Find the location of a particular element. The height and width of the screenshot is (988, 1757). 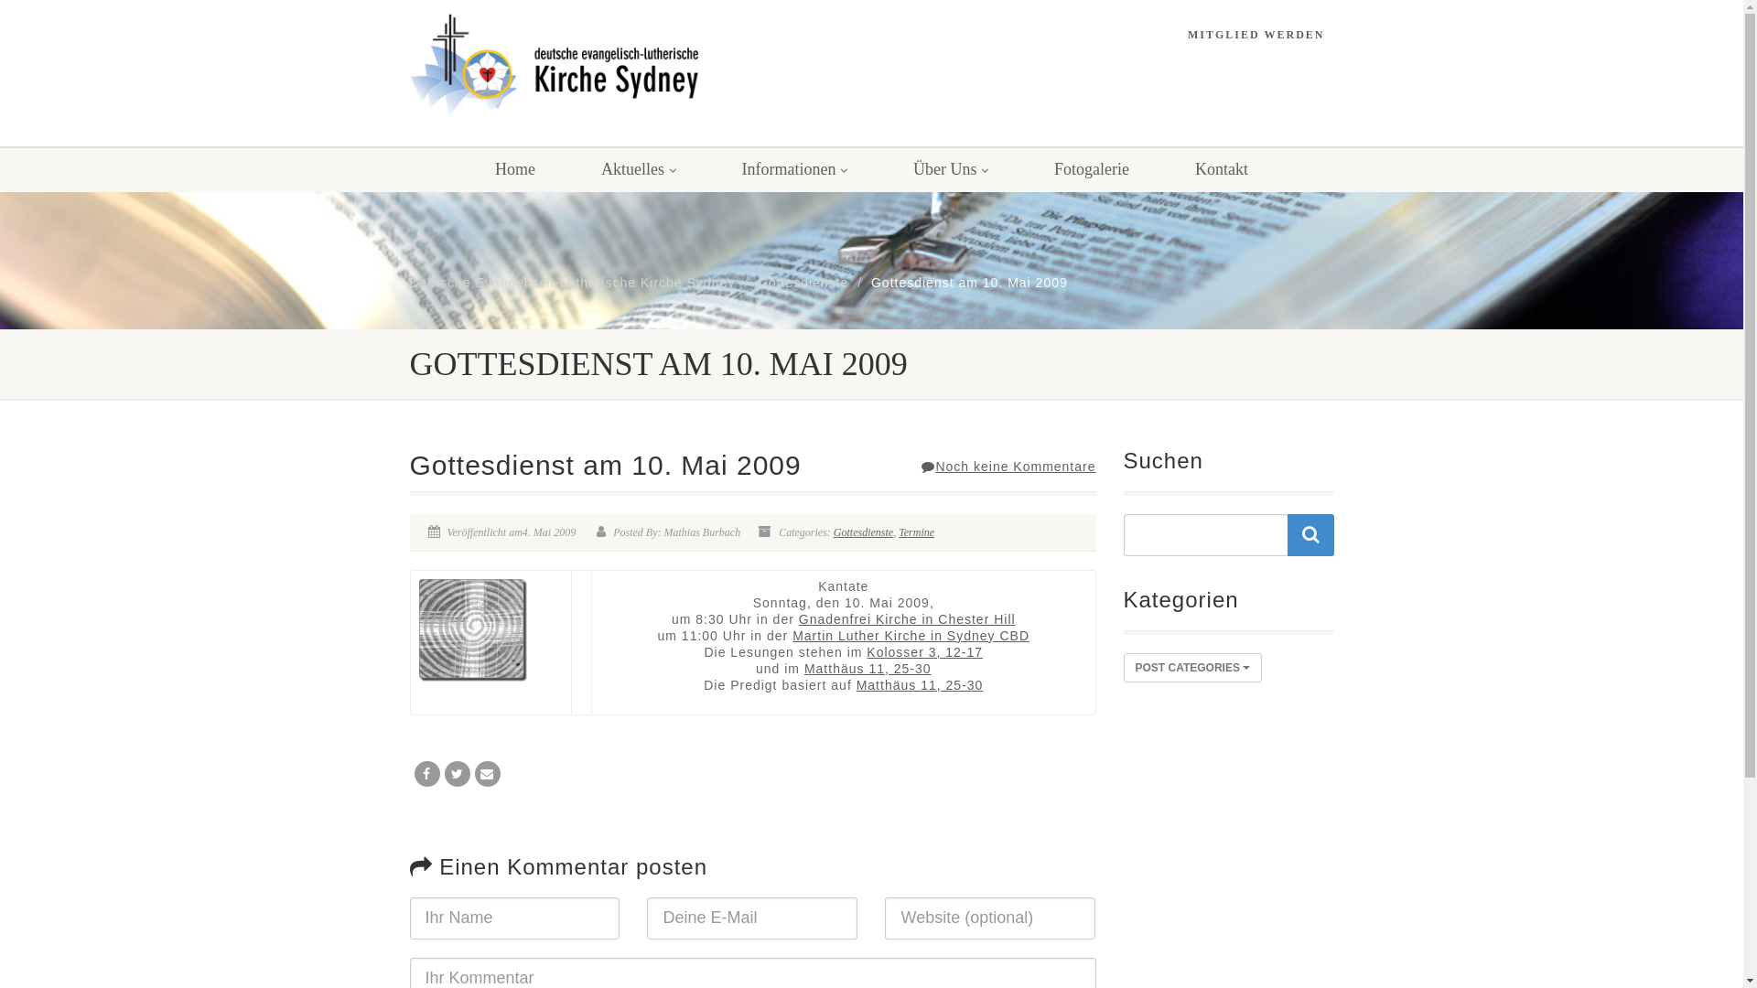

'Logo' is located at coordinates (554, 66).